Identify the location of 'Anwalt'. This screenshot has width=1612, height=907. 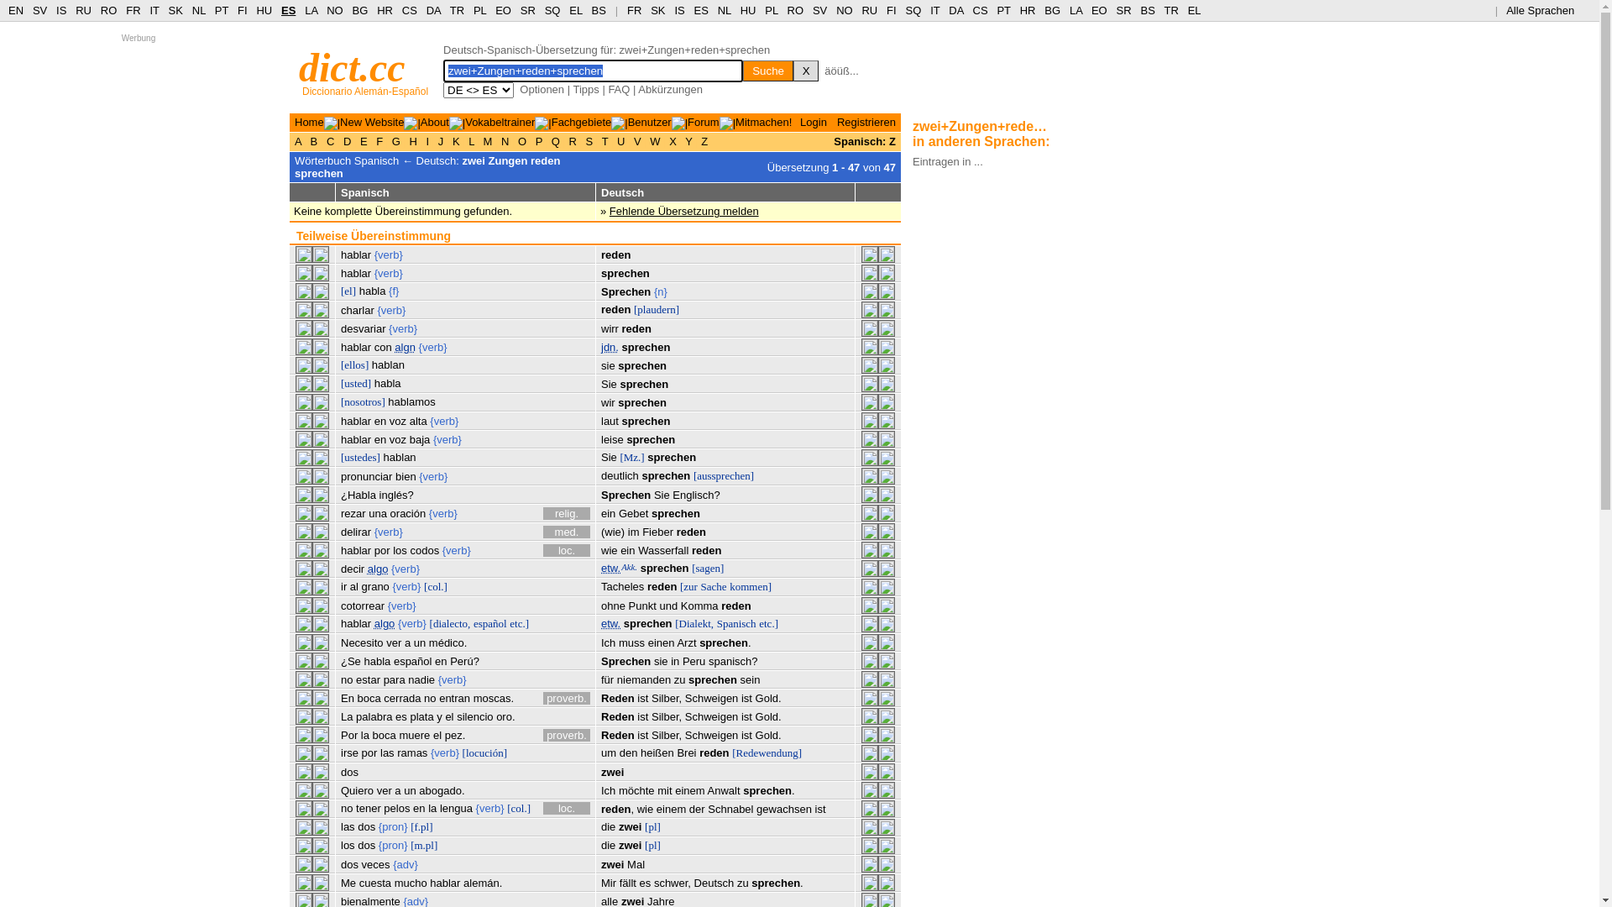
(724, 790).